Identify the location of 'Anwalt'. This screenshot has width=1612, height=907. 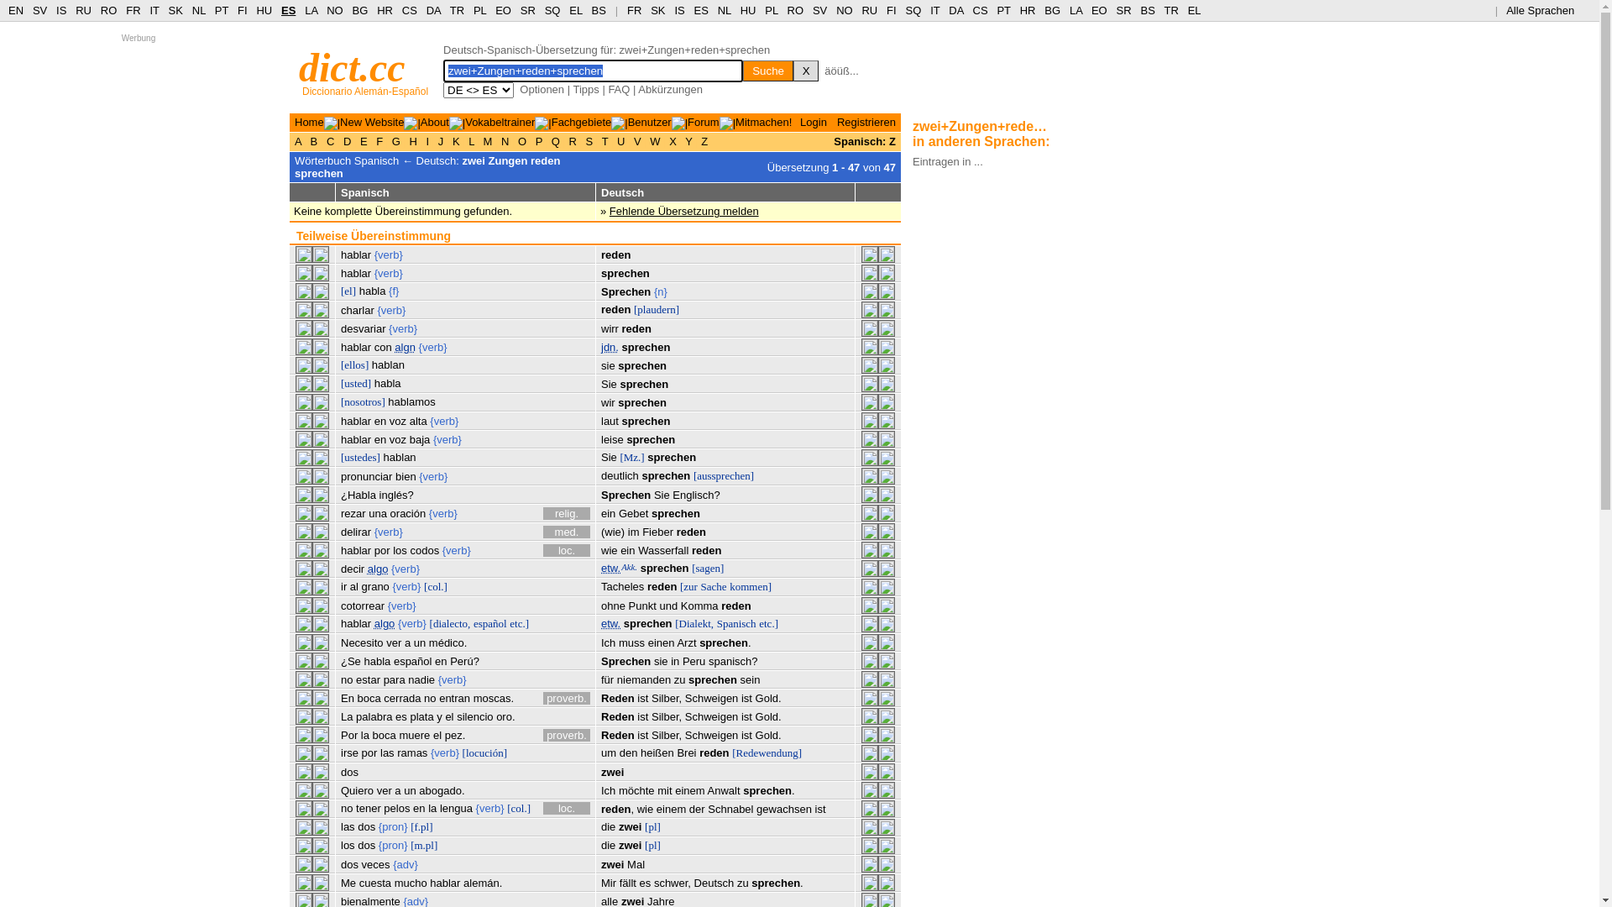
(724, 790).